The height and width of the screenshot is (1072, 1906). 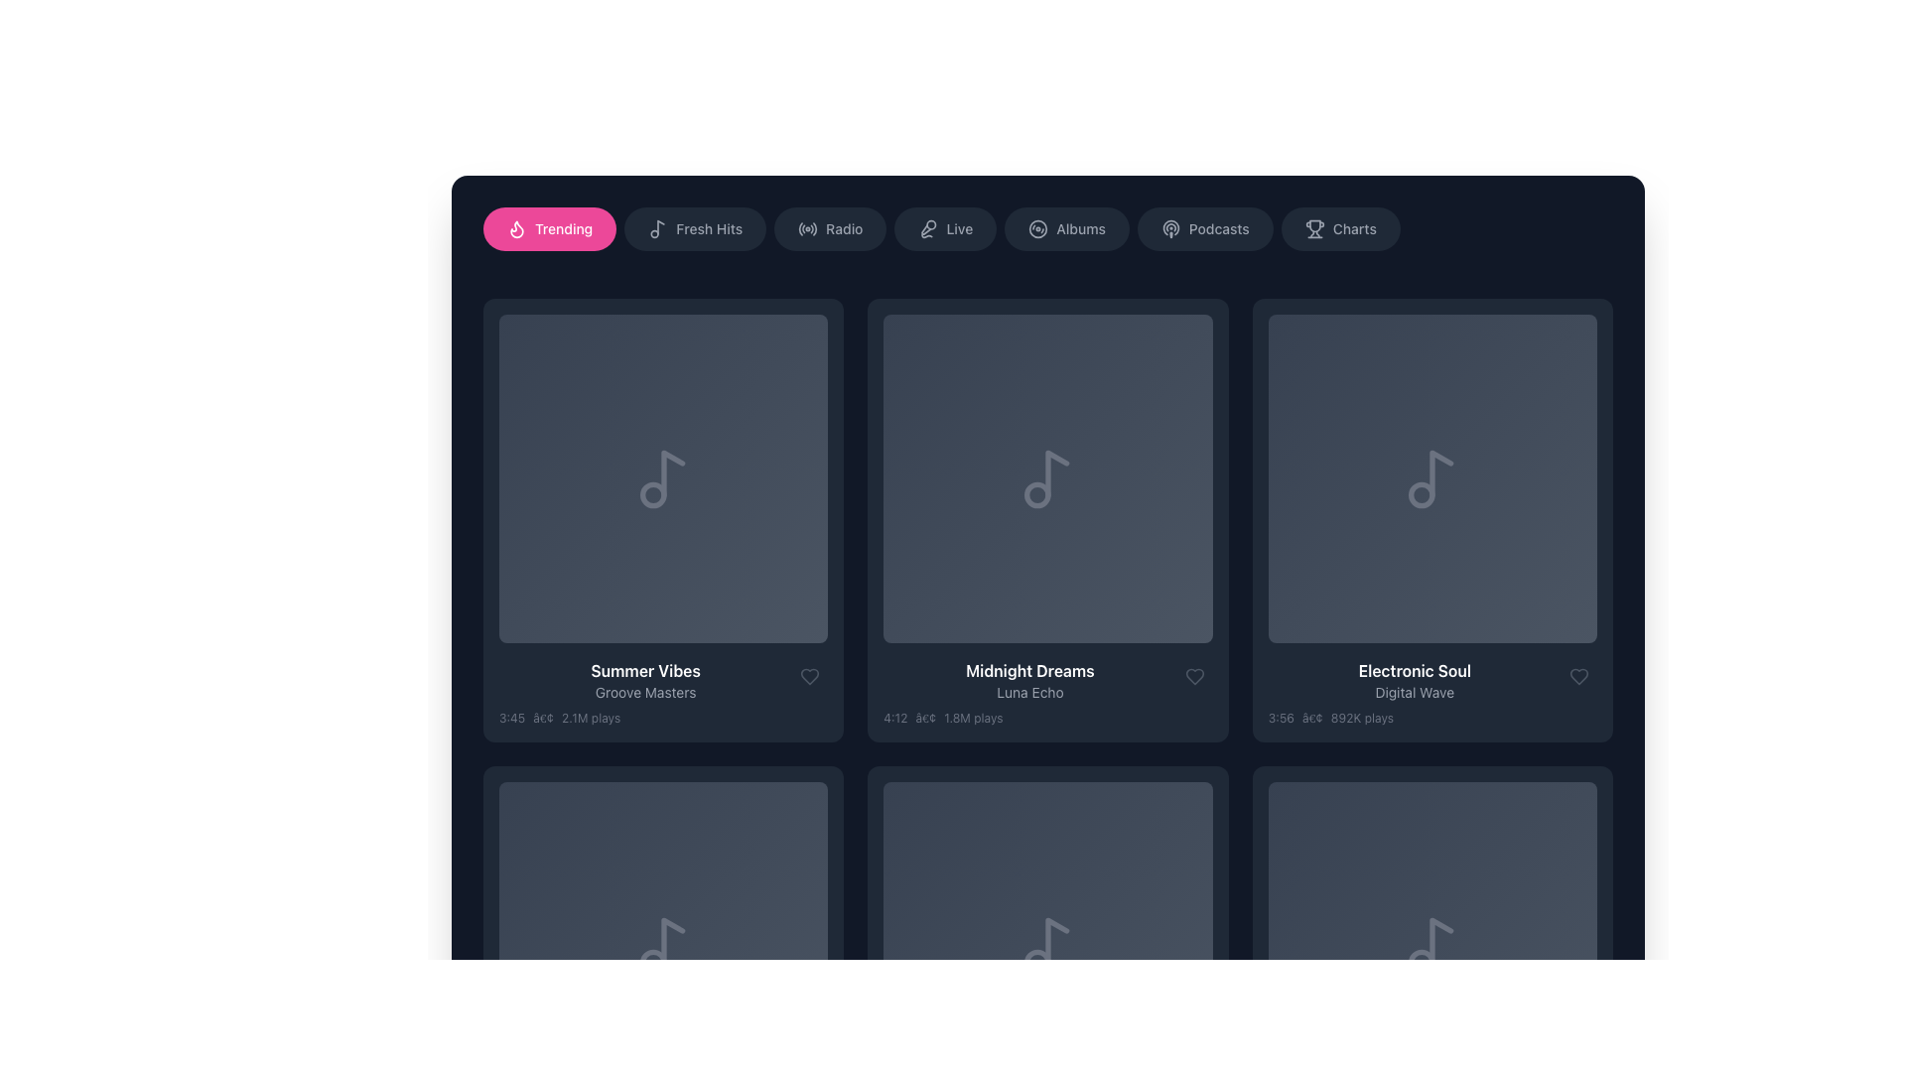 I want to click on the music note icon associated with the 'Fresh Hits' label, so click(x=658, y=228).